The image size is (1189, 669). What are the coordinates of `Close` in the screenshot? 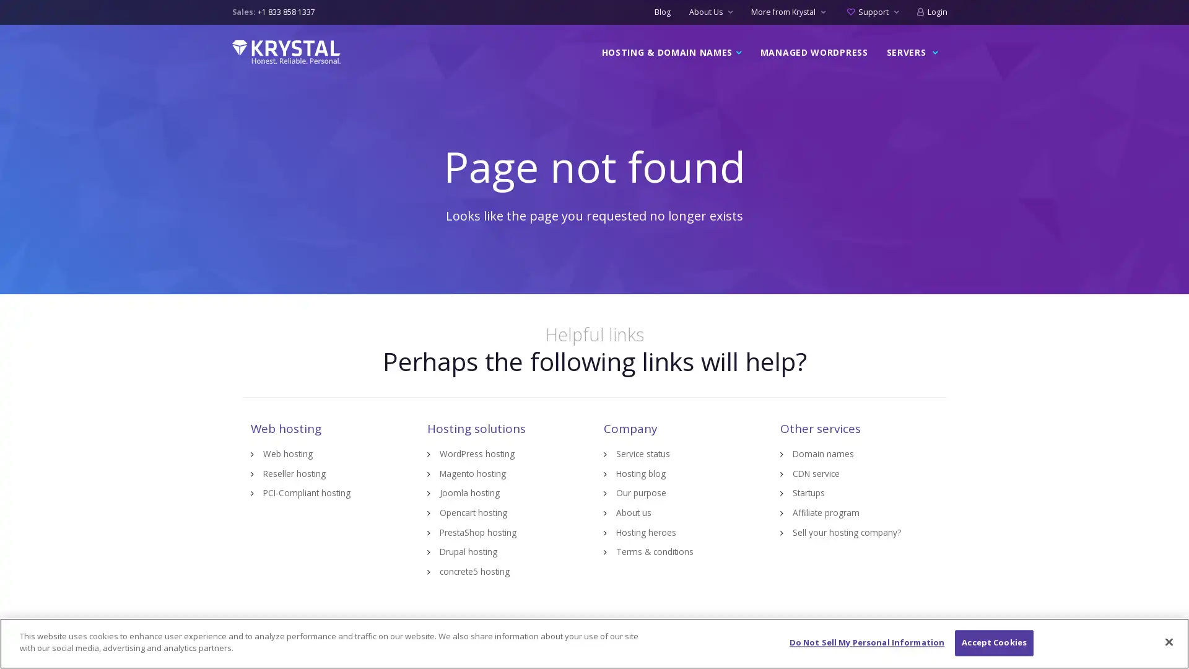 It's located at (1168, 641).